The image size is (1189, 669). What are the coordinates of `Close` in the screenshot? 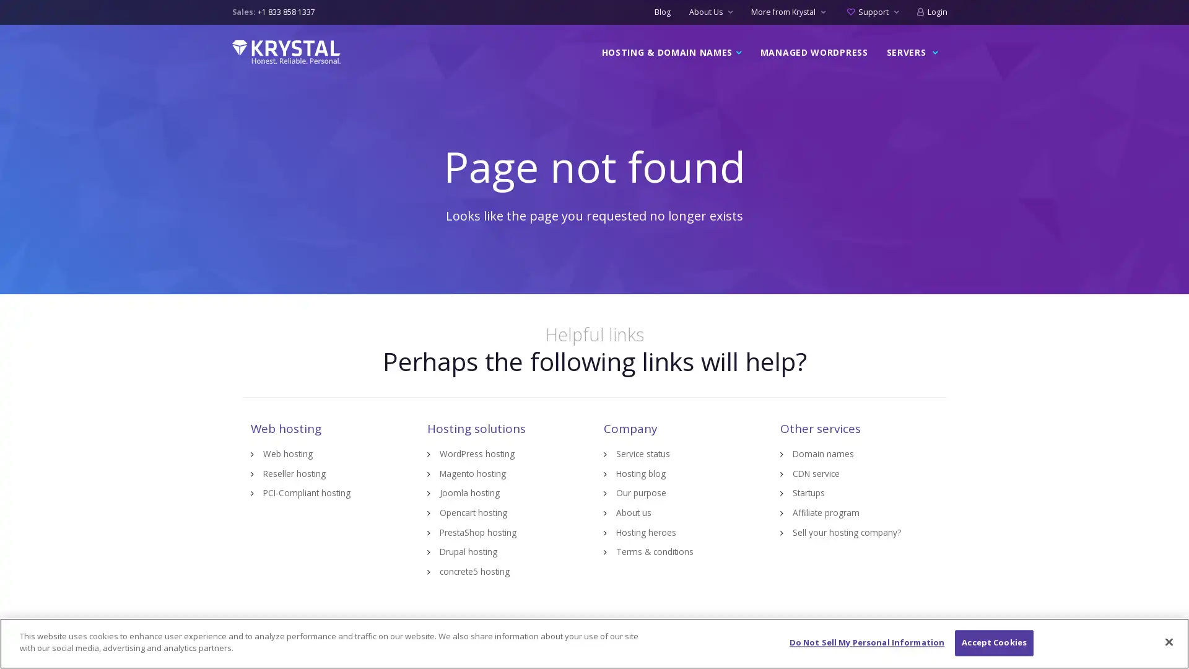 It's located at (1168, 641).